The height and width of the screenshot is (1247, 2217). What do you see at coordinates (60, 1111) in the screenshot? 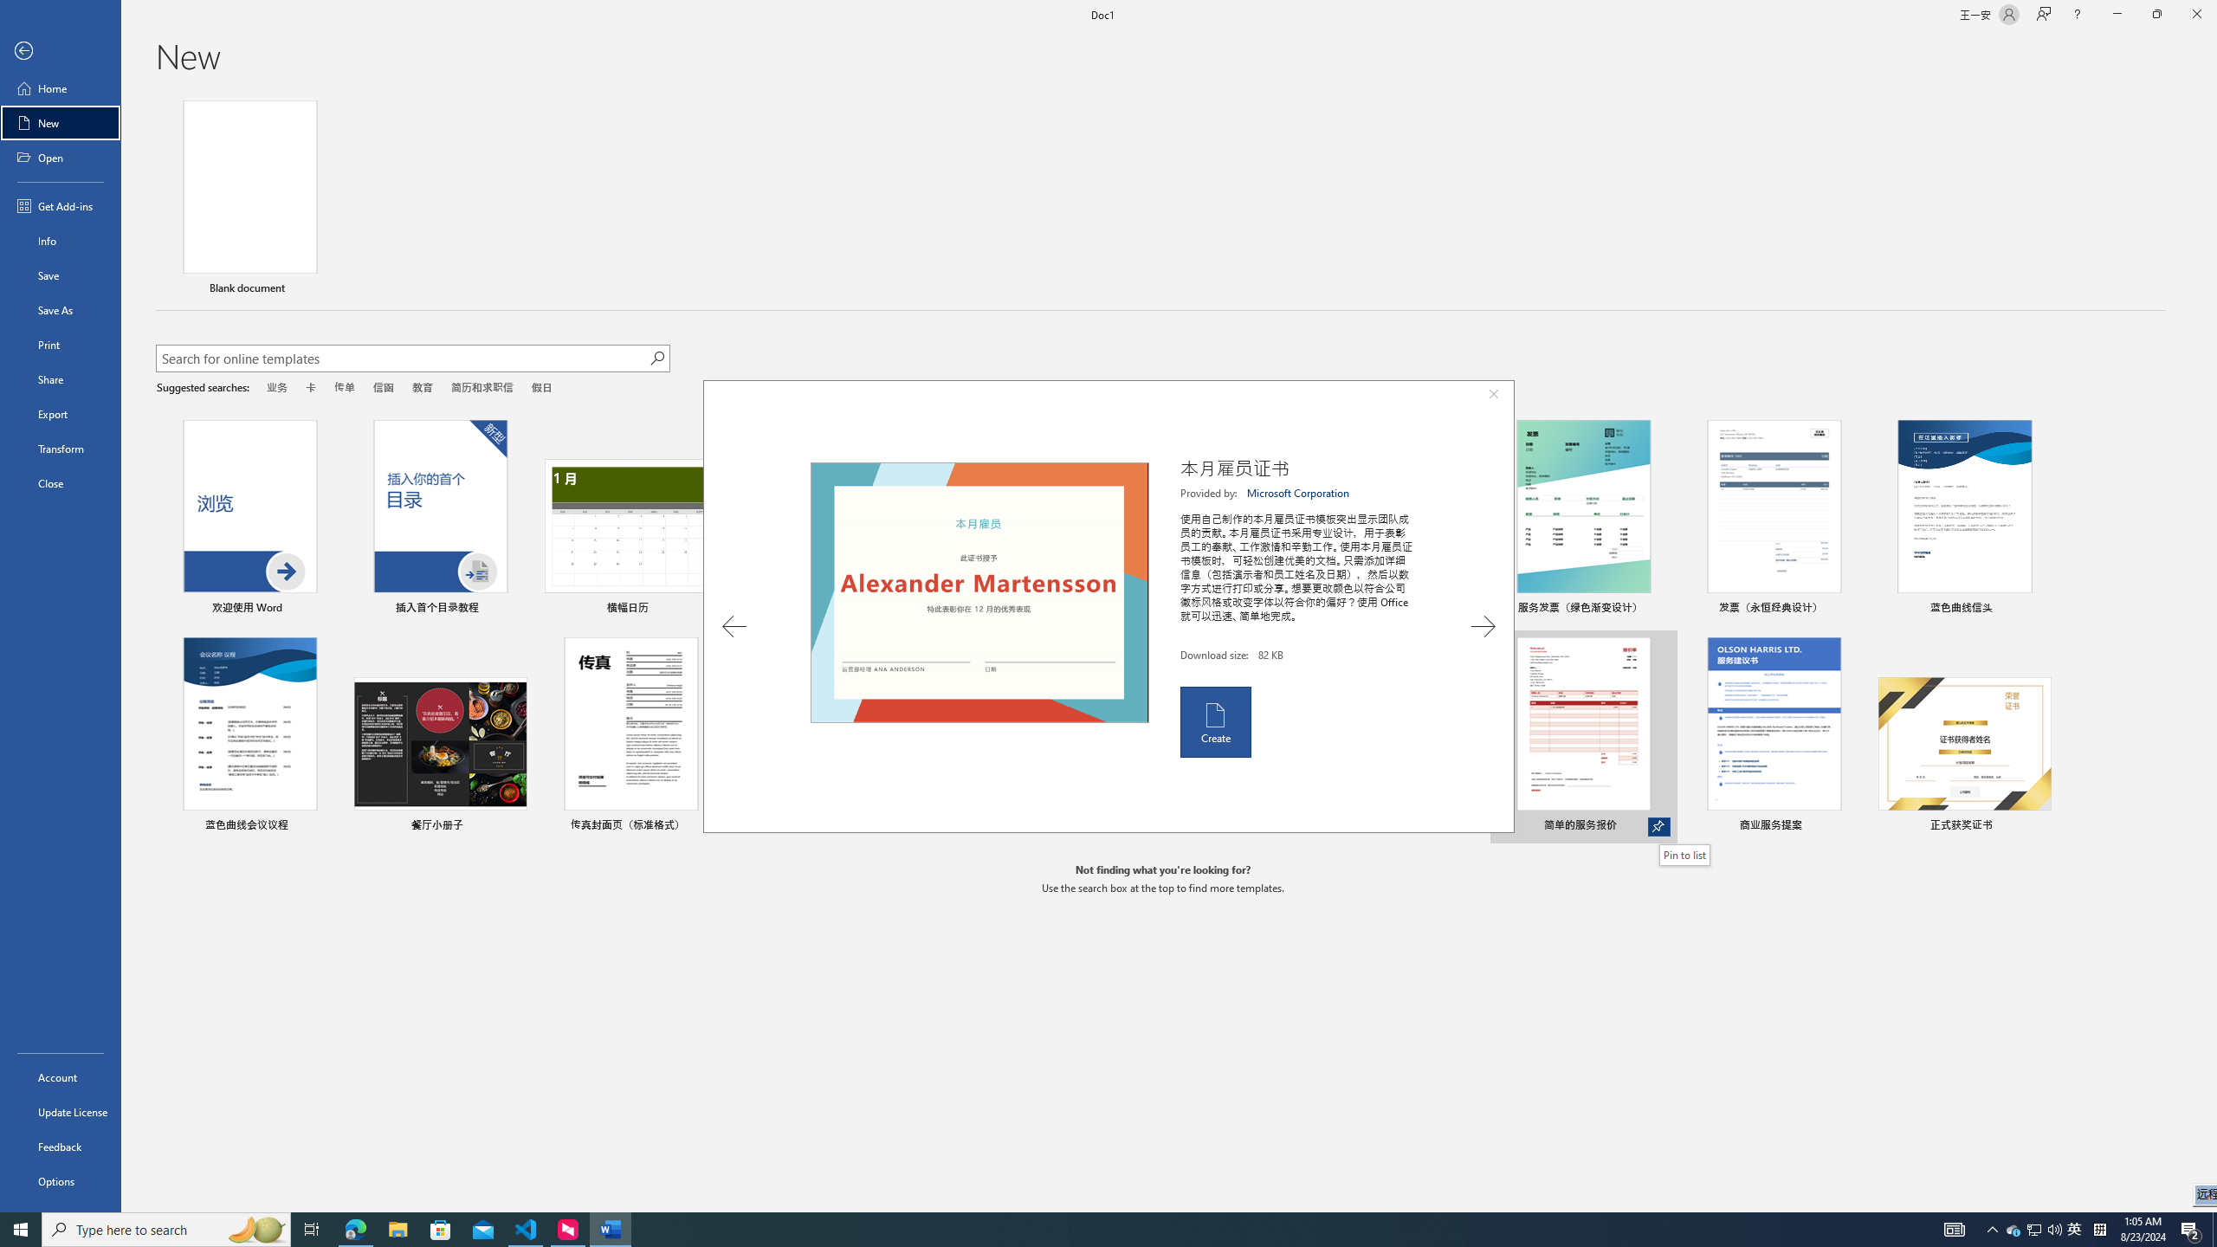
I see `'Update License'` at bounding box center [60, 1111].